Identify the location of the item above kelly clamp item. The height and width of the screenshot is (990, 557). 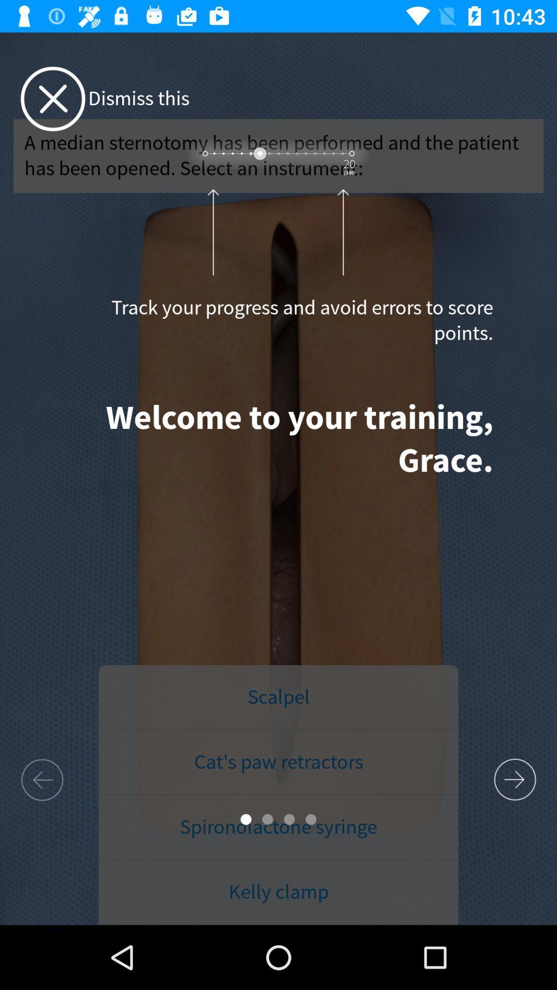
(278, 827).